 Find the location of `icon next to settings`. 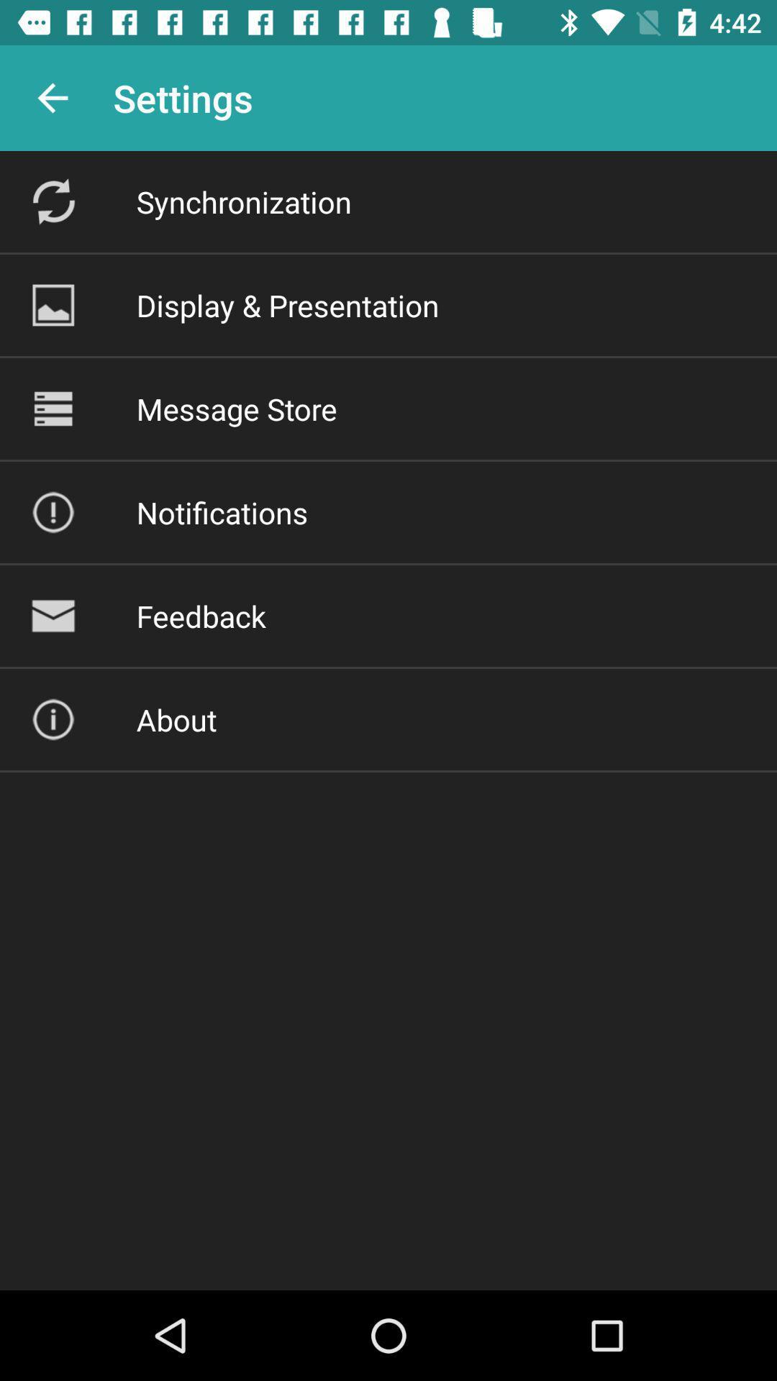

icon next to settings is located at coordinates (52, 97).